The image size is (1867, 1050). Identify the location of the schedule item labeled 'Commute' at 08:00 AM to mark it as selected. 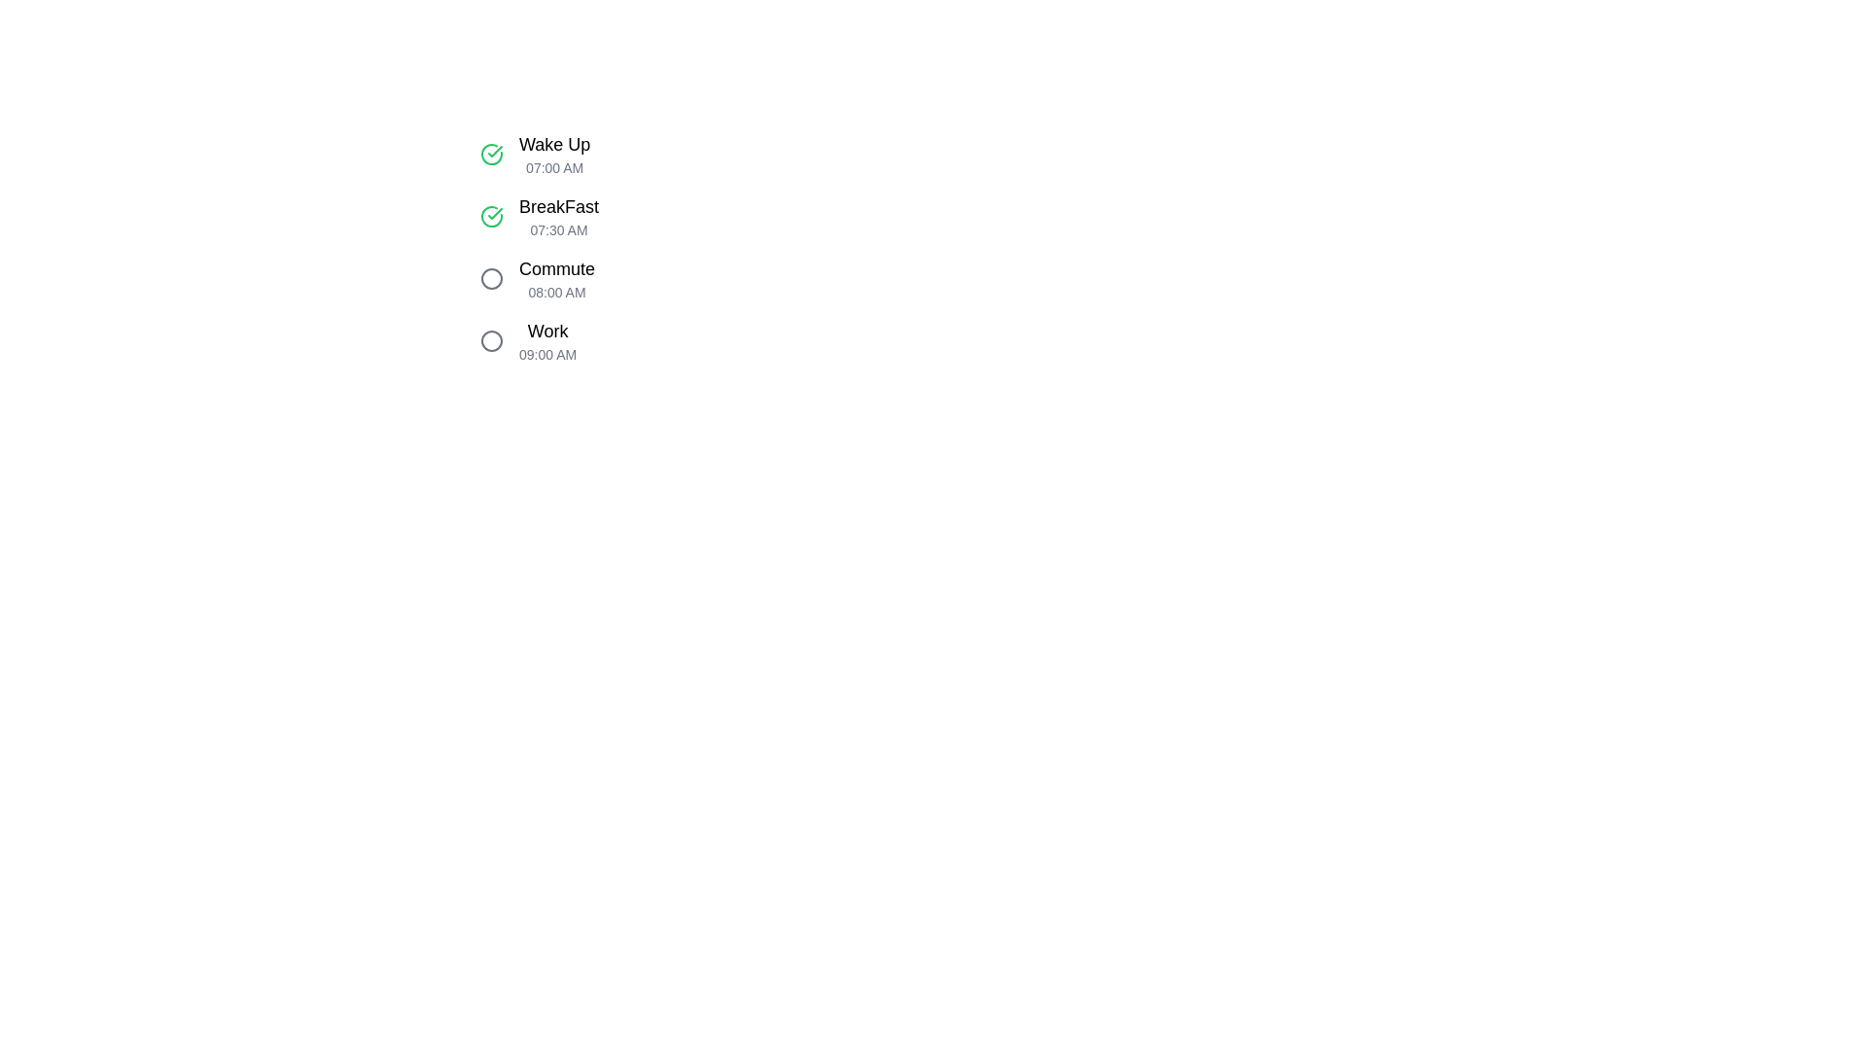
(667, 278).